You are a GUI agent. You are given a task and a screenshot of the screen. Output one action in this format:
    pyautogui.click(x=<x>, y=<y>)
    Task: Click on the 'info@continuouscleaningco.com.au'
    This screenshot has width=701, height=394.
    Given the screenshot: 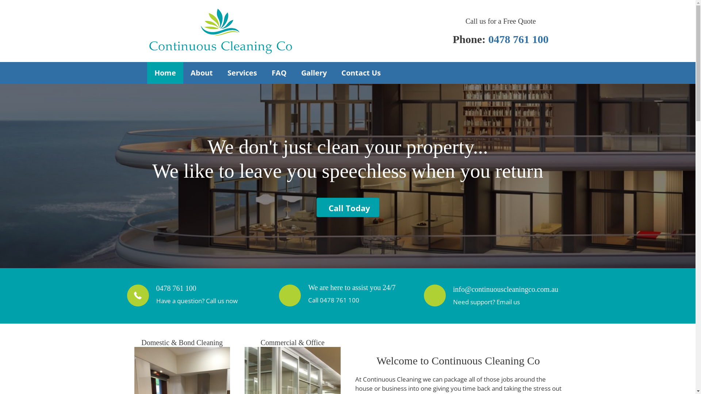 What is the action you would take?
    pyautogui.click(x=505, y=289)
    